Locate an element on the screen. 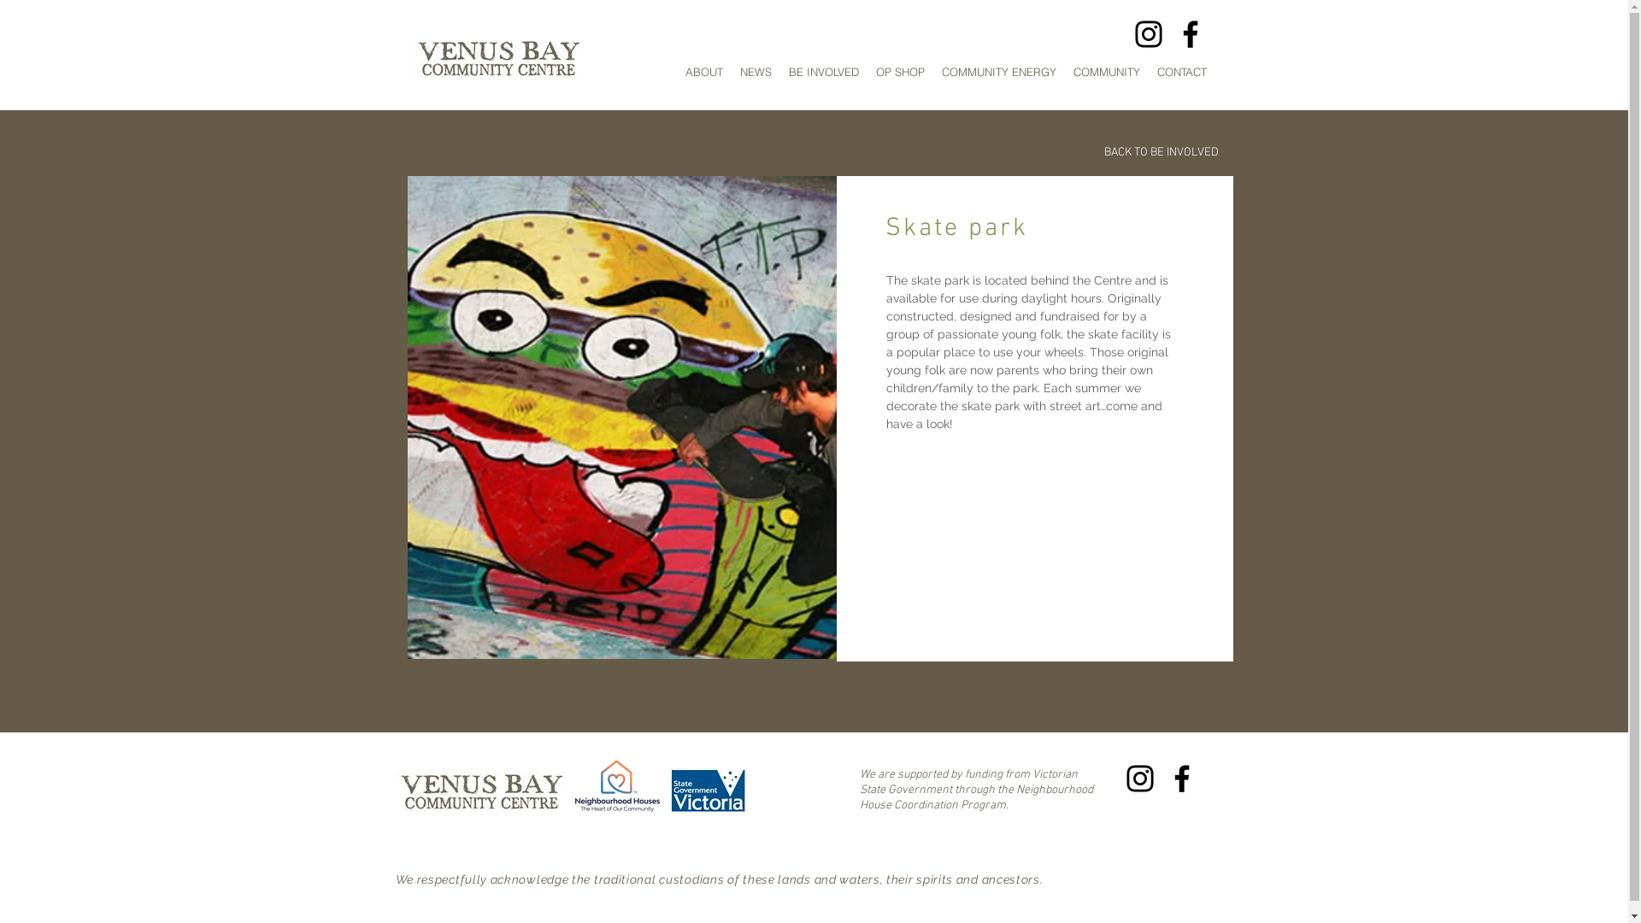  'COMMUNITY' is located at coordinates (1107, 71).